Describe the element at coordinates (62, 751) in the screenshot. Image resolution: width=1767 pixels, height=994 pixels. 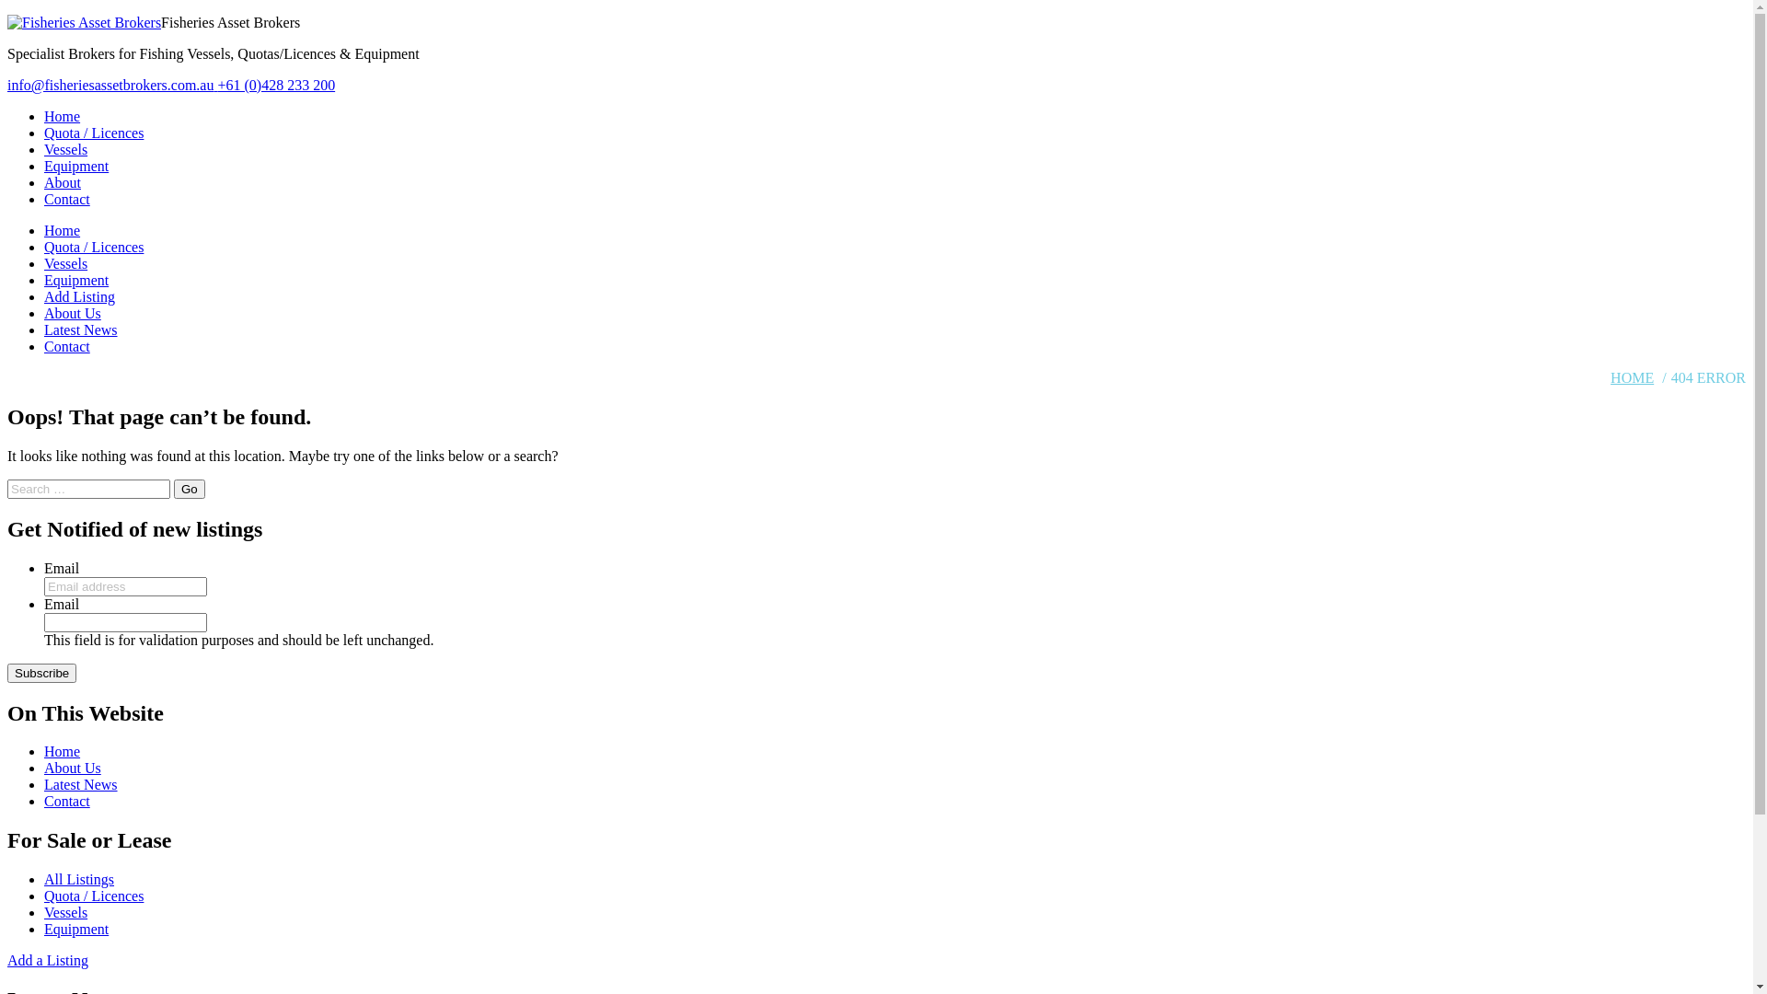
I see `'Home'` at that location.